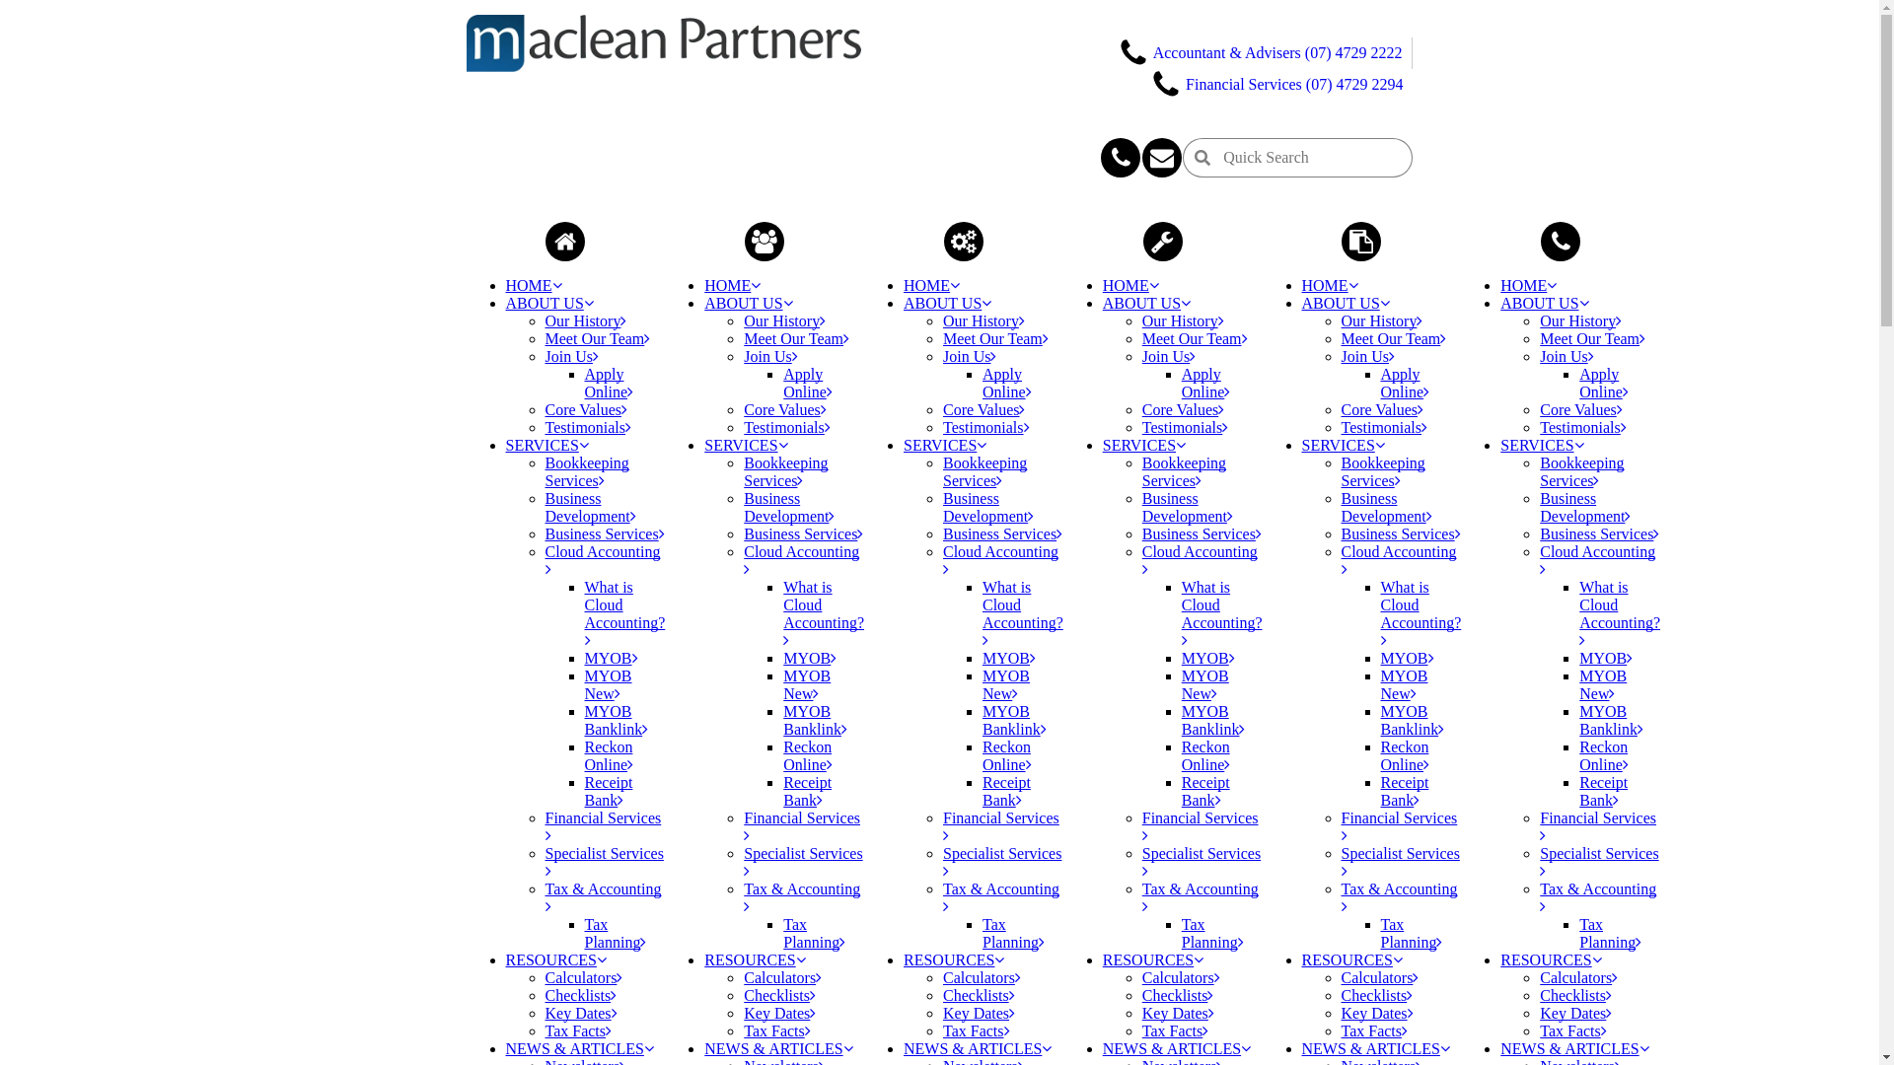  Describe the element at coordinates (814, 932) in the screenshot. I see `'Tax Planning'` at that location.